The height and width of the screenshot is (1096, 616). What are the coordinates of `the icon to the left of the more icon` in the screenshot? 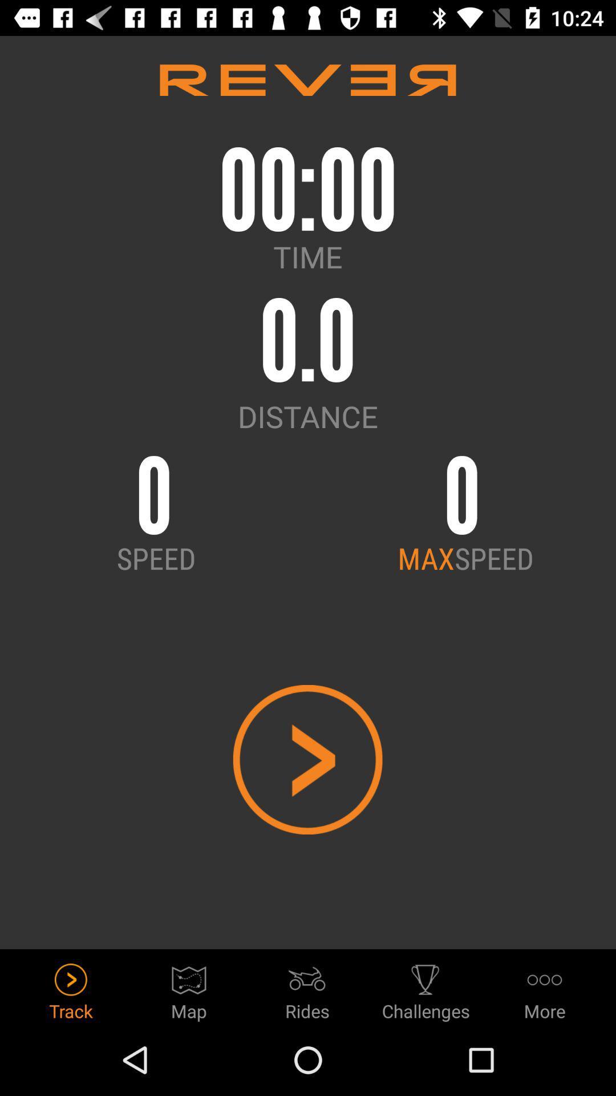 It's located at (426, 988).